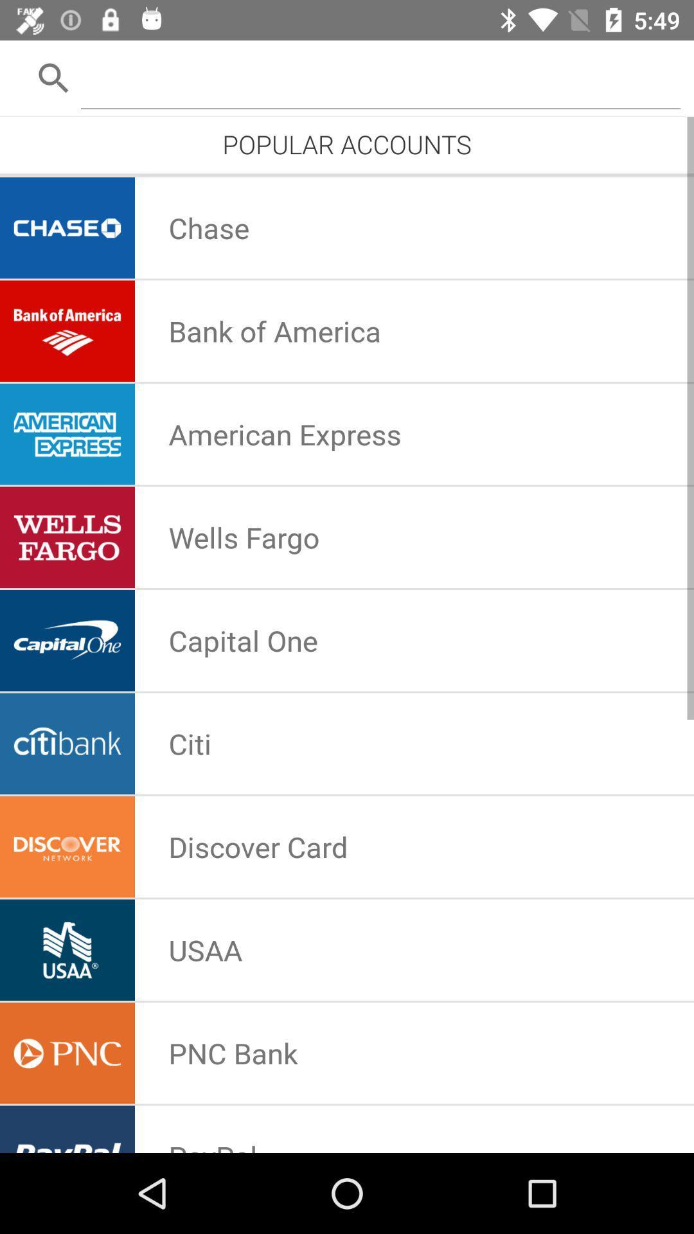 The image size is (694, 1234). What do you see at coordinates (204, 950) in the screenshot?
I see `the usaa app` at bounding box center [204, 950].